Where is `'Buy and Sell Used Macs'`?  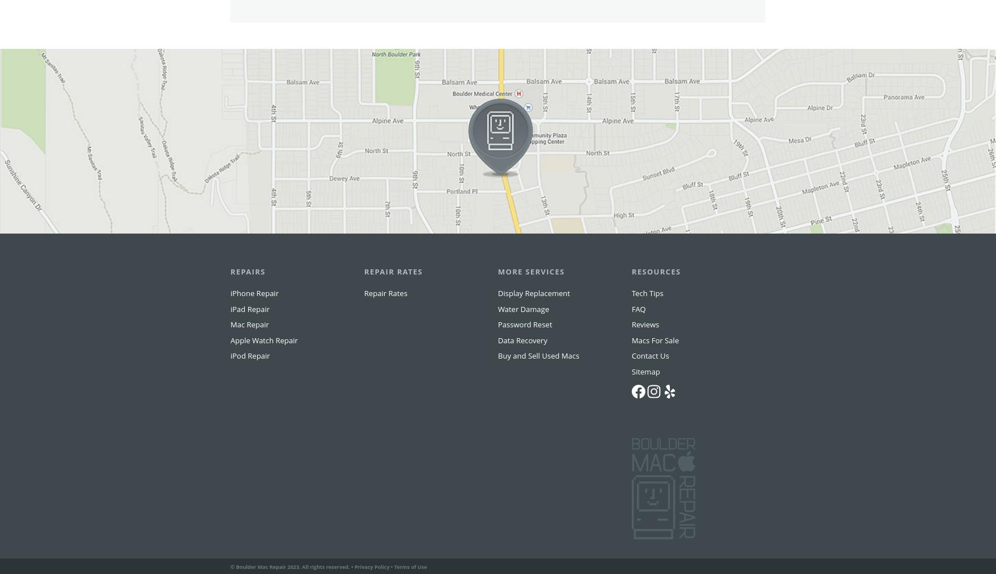
'Buy and Sell Used Macs' is located at coordinates (538, 377).